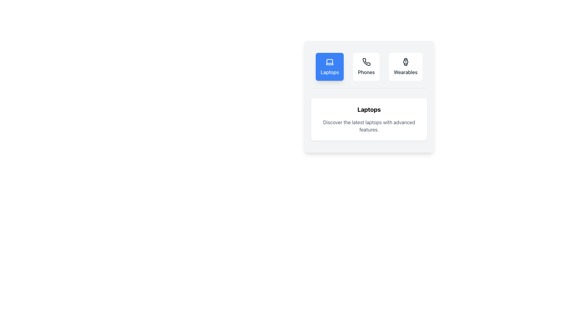  Describe the element at coordinates (329, 62) in the screenshot. I see `the laptop icon located in the first interactive card, which has a blue square background and a white outline, positioned centrally above the text 'Laptops'` at that location.